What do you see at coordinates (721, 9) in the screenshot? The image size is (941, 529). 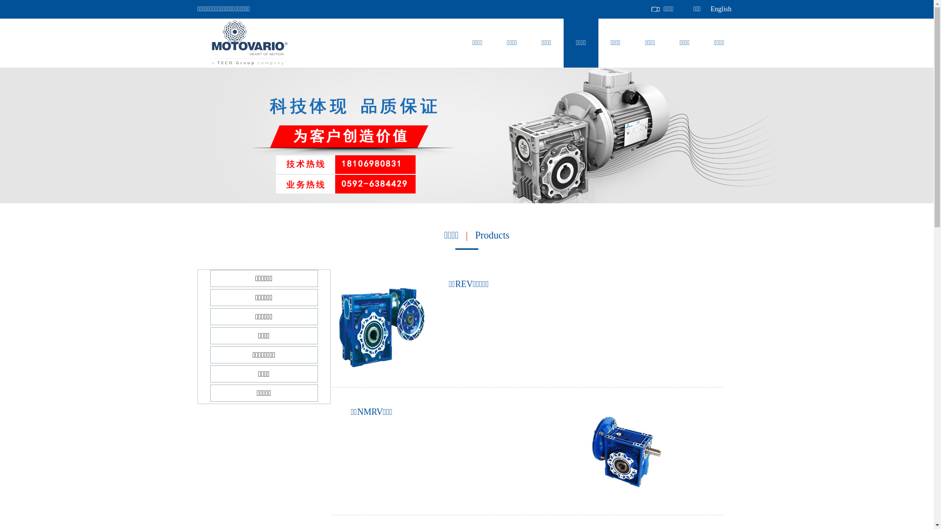 I see `'English'` at bounding box center [721, 9].